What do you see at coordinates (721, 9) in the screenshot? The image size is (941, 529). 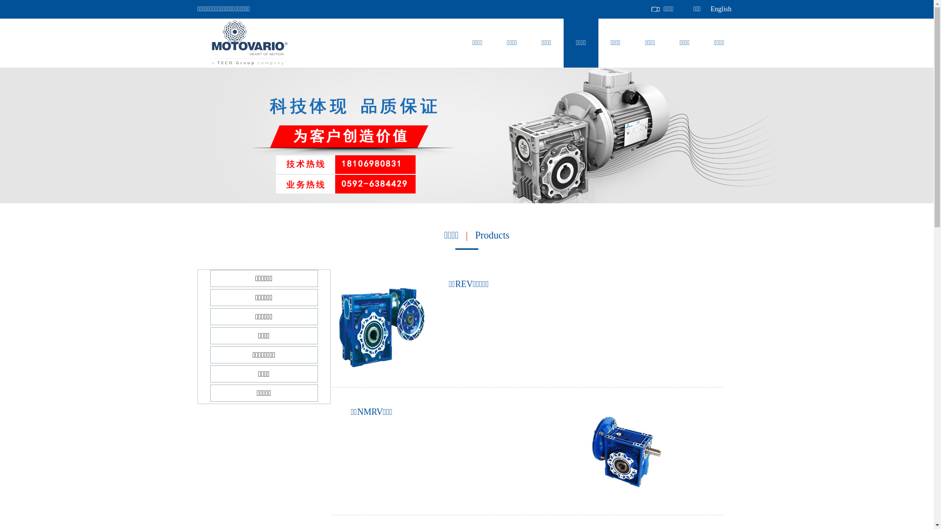 I see `'English'` at bounding box center [721, 9].